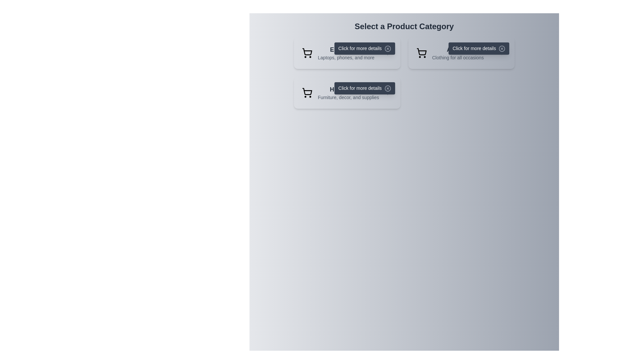 The height and width of the screenshot is (358, 637). What do you see at coordinates (346, 49) in the screenshot?
I see `the text label that represents and labels a category for electronic products, located in the top-left region of the UI center panel` at bounding box center [346, 49].